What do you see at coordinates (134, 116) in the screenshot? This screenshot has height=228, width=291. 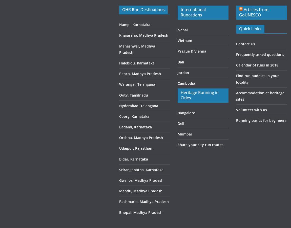 I see `'Coorg, Karnataka'` at bounding box center [134, 116].